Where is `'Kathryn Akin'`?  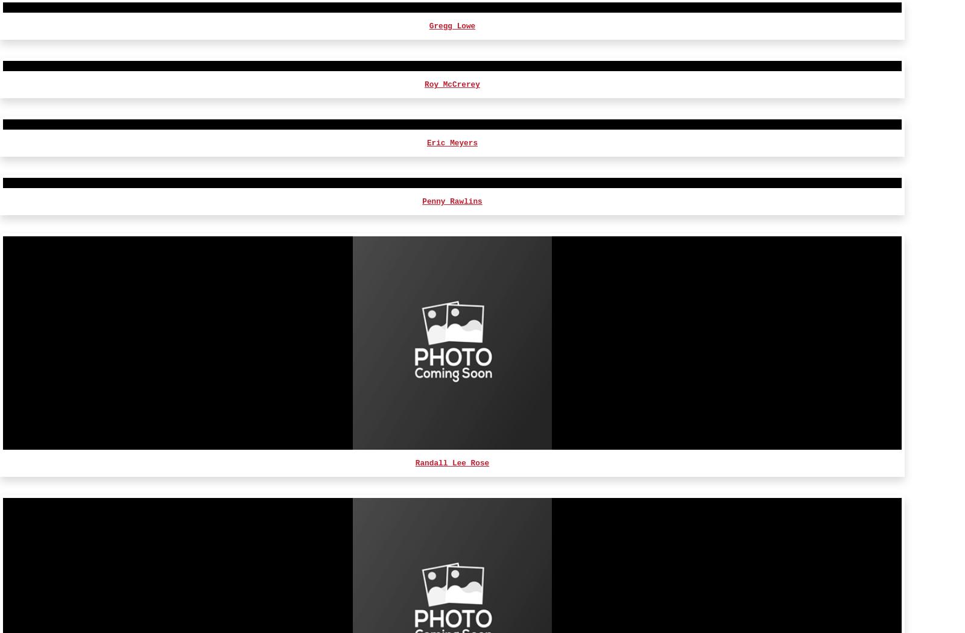 'Kathryn Akin' is located at coordinates (452, 460).